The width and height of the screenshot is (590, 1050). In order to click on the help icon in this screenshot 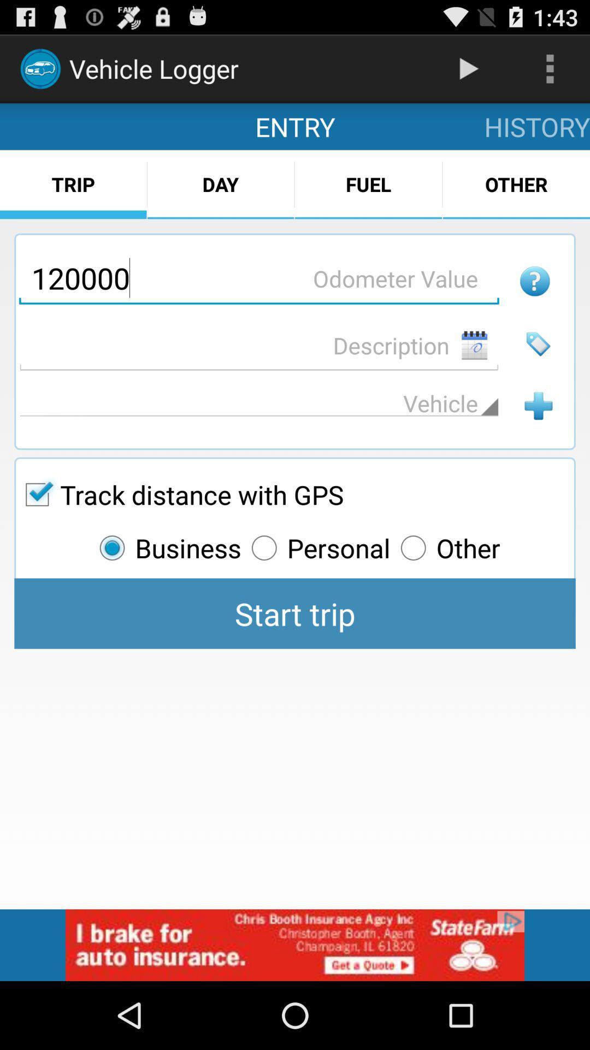, I will do `click(534, 301)`.